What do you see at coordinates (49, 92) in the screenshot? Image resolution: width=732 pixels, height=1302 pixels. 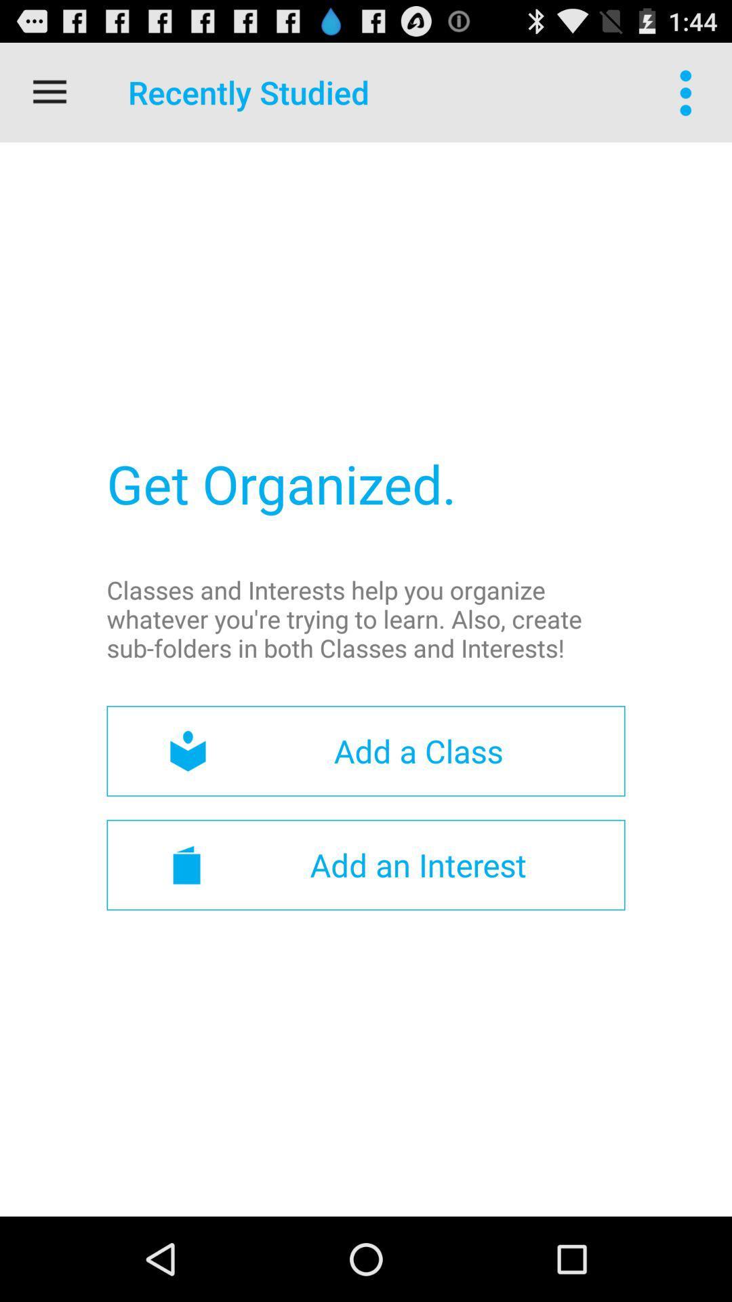 I see `icon above get organized.` at bounding box center [49, 92].